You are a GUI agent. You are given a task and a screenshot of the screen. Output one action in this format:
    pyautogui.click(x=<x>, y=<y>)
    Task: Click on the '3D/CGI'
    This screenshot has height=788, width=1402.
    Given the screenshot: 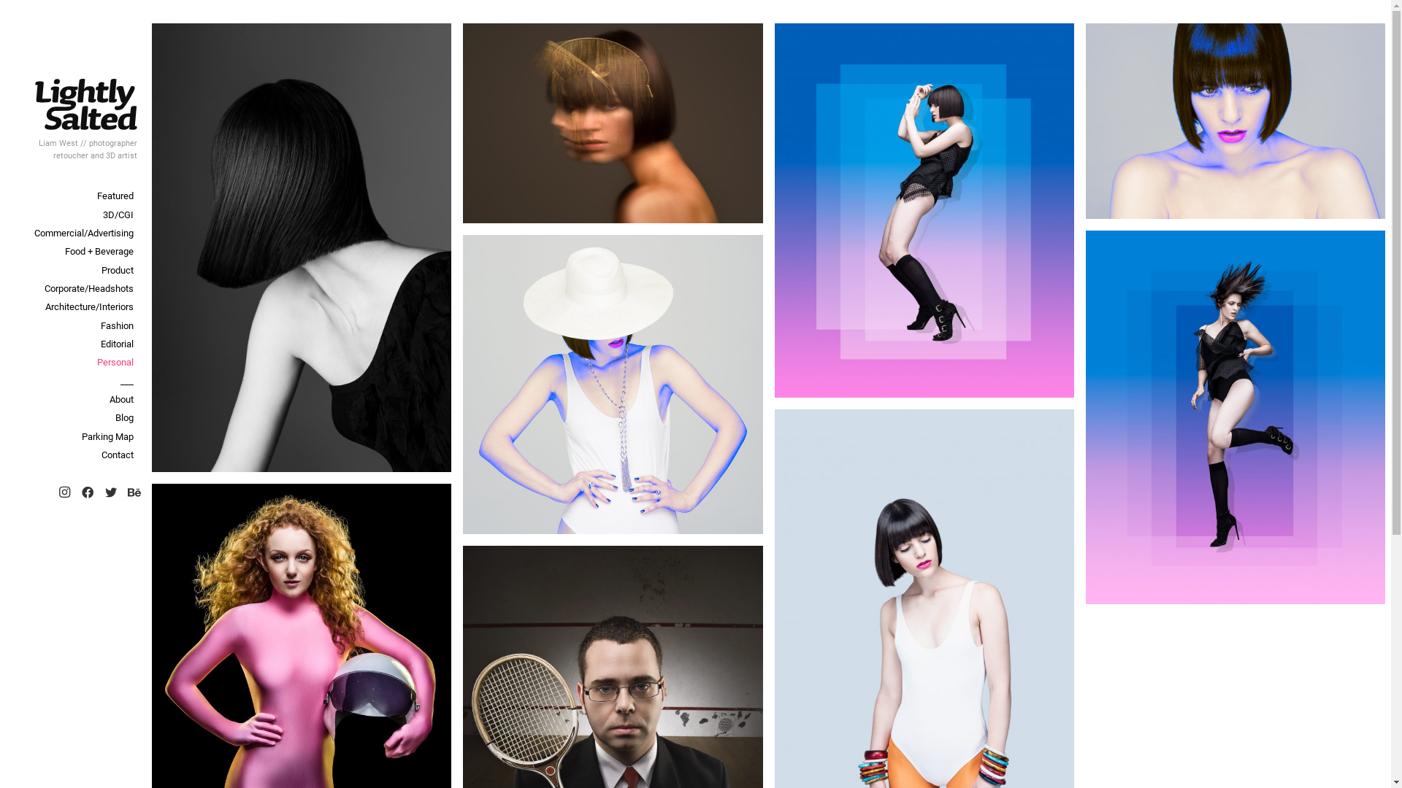 What is the action you would take?
    pyautogui.click(x=0, y=215)
    